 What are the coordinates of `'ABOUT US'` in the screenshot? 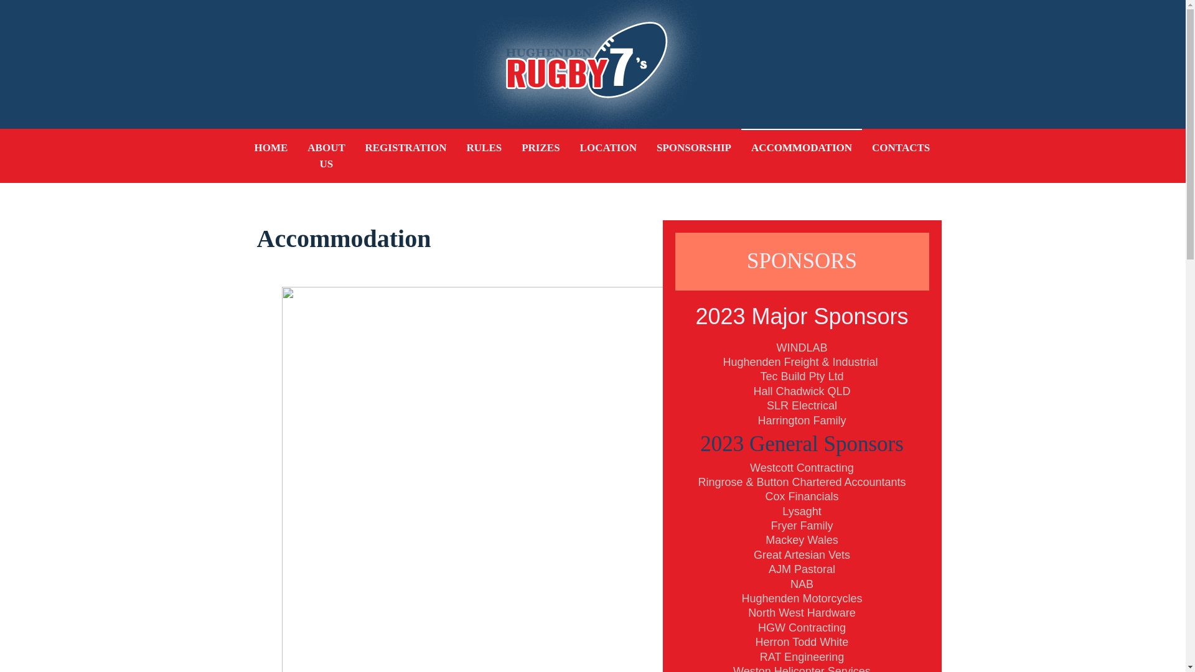 It's located at (326, 155).